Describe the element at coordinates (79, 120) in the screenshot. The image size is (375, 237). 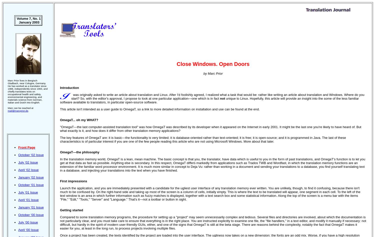
I see `'OmegaT... oh my WHAT?'` at that location.